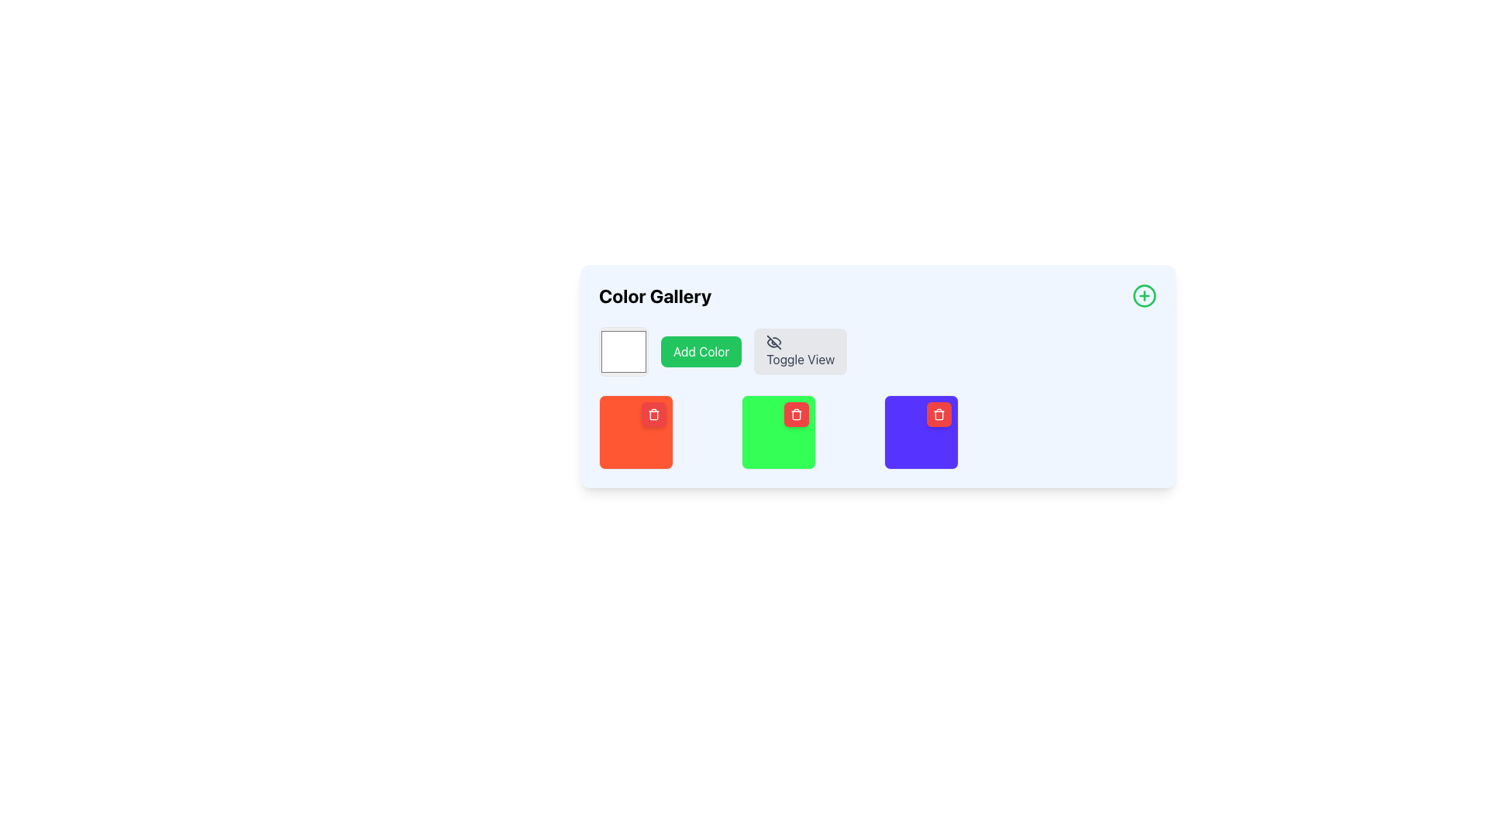 The width and height of the screenshot is (1488, 837). Describe the element at coordinates (801, 352) in the screenshot. I see `the toggle button located at the top center of the interface` at that location.